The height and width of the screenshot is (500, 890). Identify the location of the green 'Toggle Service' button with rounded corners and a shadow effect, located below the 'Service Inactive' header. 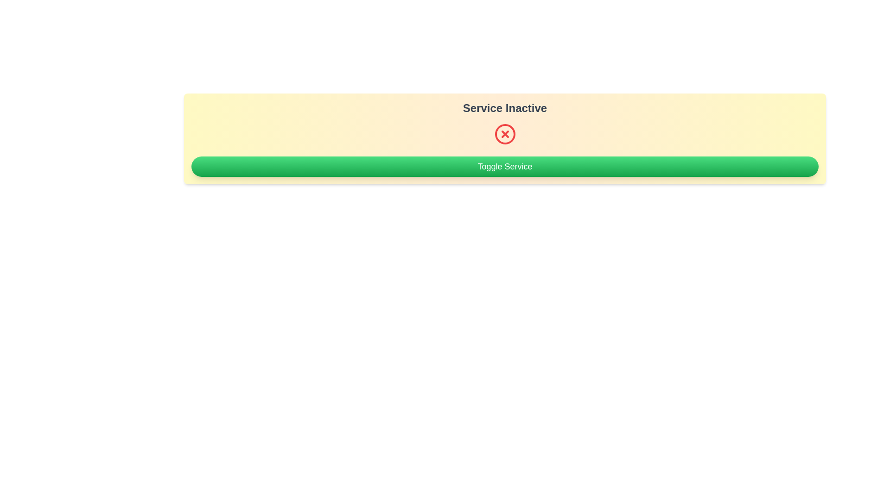
(504, 166).